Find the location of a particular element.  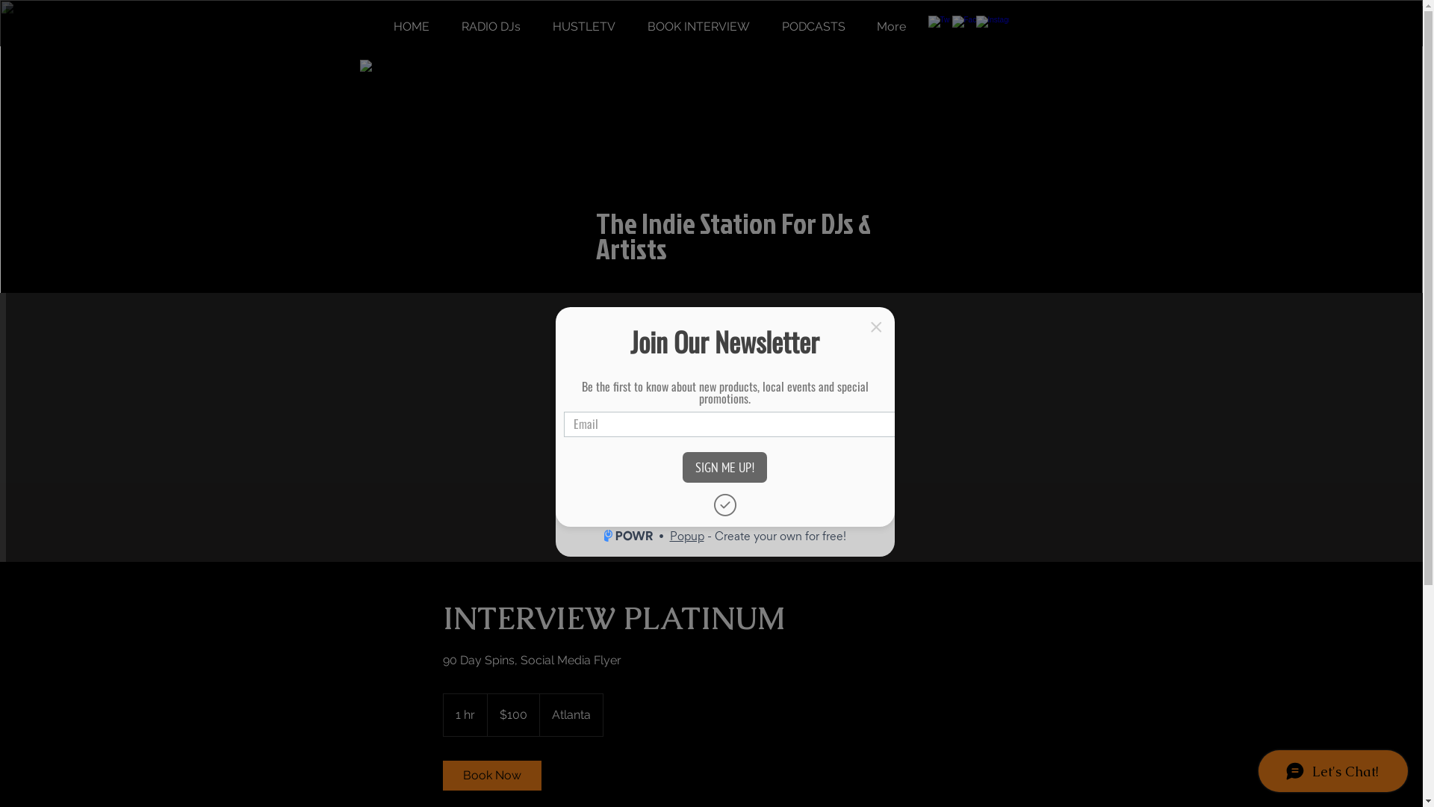

'HOME' is located at coordinates (377, 26).